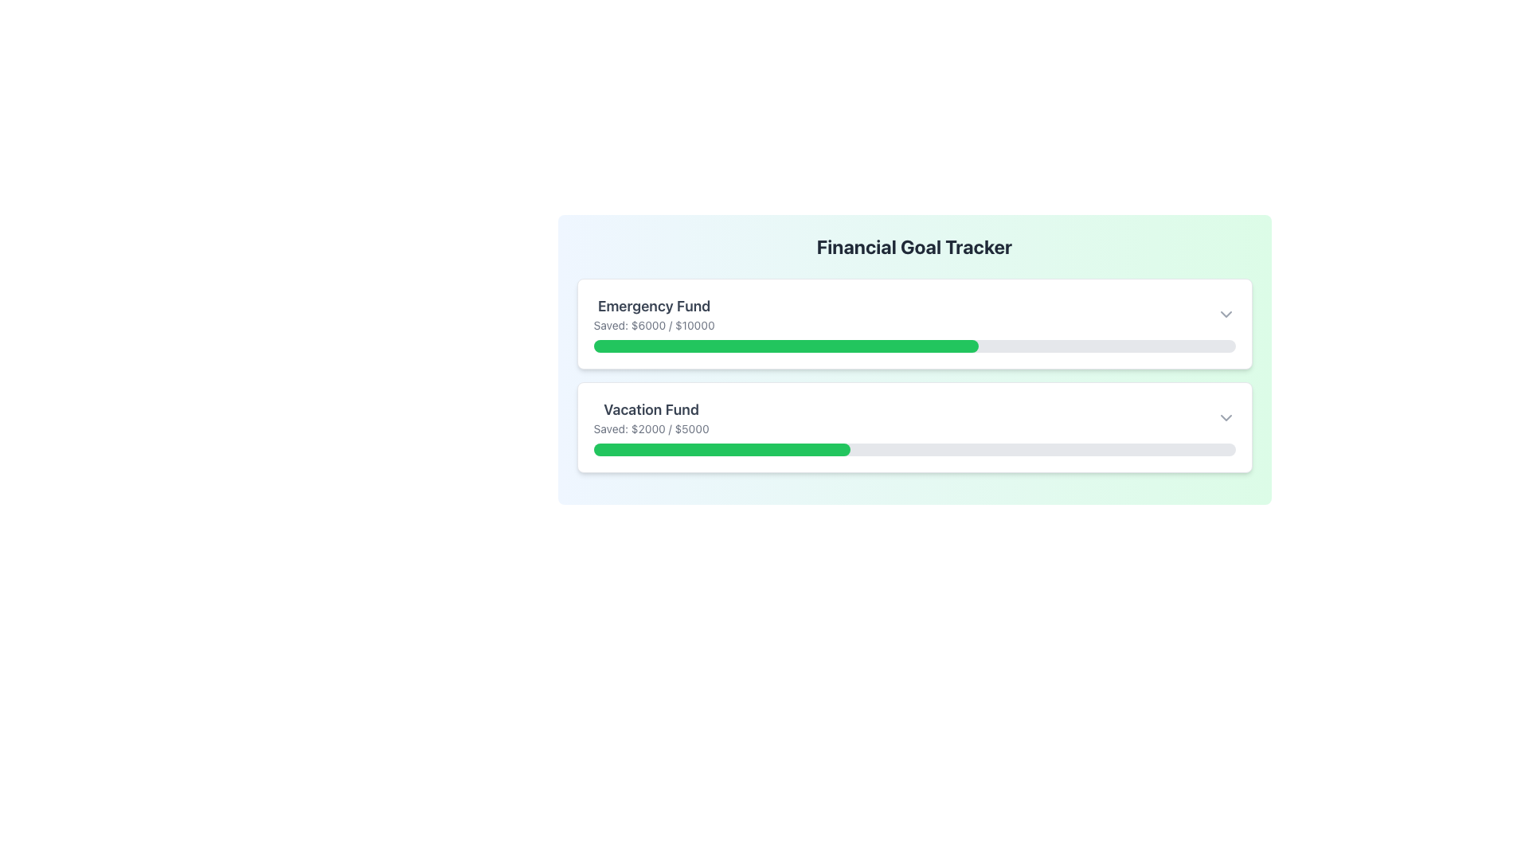  What do you see at coordinates (914, 346) in the screenshot?
I see `the progress bar element located within the 'Emergency Fund' card in the 'Financial Goal Tracker' interface, which visually represents the progress towards a financial goal` at bounding box center [914, 346].